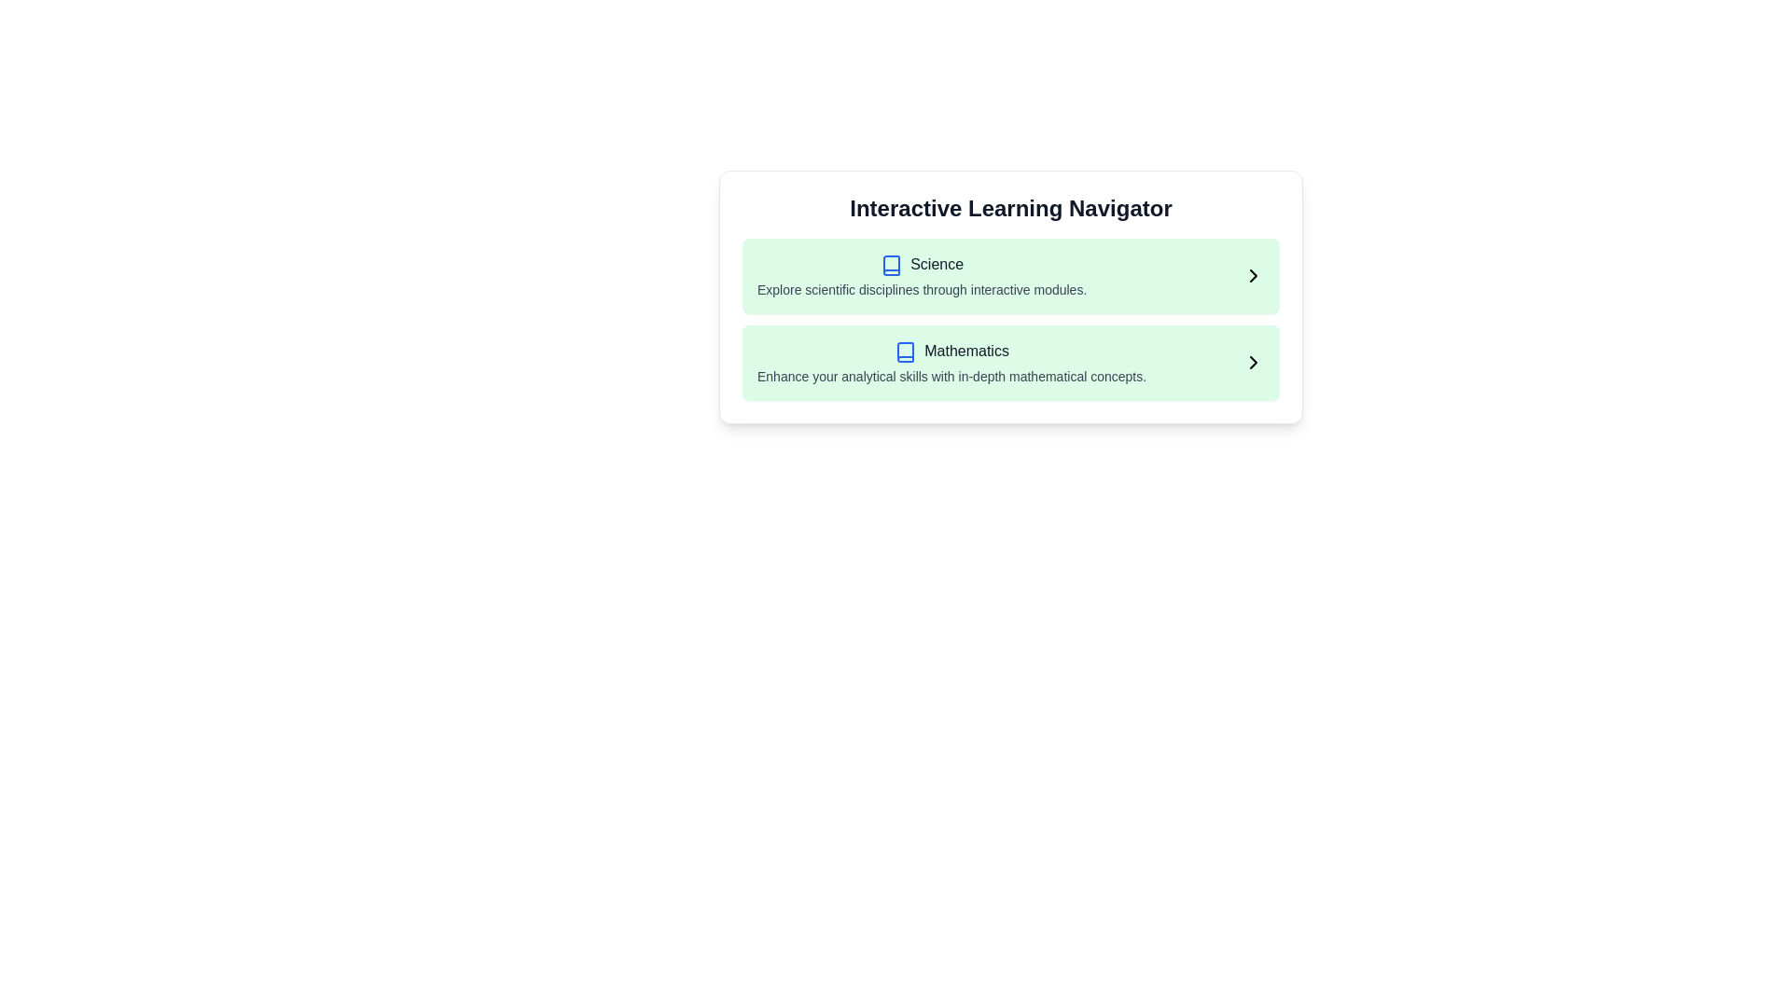 This screenshot has height=1007, width=1791. What do you see at coordinates (906, 352) in the screenshot?
I see `the blue book icon, which is located to the left of the 'Mathematics' text label in the second row of the menu panel` at bounding box center [906, 352].